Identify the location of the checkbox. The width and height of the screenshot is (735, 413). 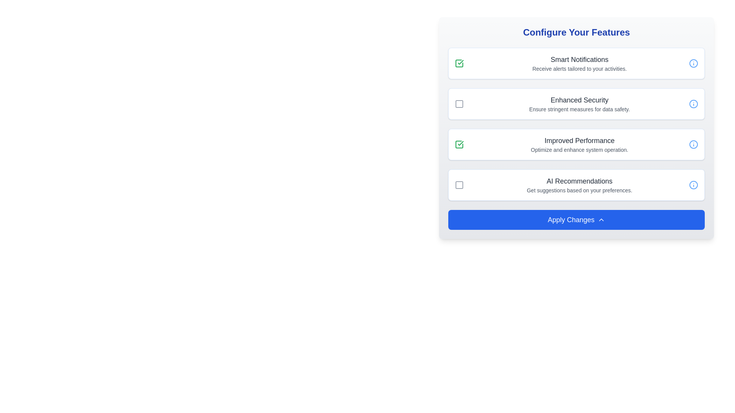
(459, 145).